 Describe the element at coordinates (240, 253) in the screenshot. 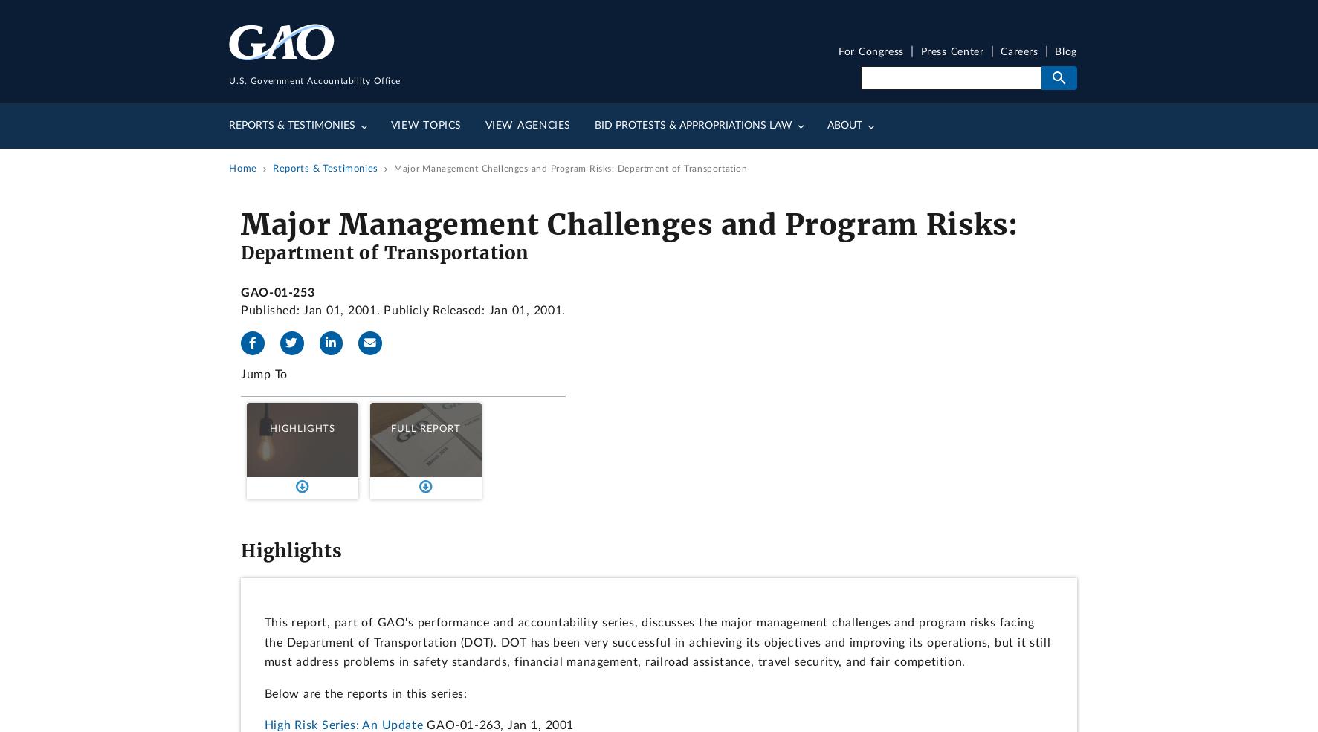

I see `'Department of Transportation'` at that location.